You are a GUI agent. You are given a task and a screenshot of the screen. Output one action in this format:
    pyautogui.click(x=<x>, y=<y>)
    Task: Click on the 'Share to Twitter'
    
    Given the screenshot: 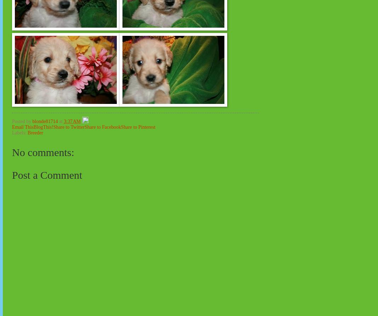 What is the action you would take?
    pyautogui.click(x=69, y=127)
    